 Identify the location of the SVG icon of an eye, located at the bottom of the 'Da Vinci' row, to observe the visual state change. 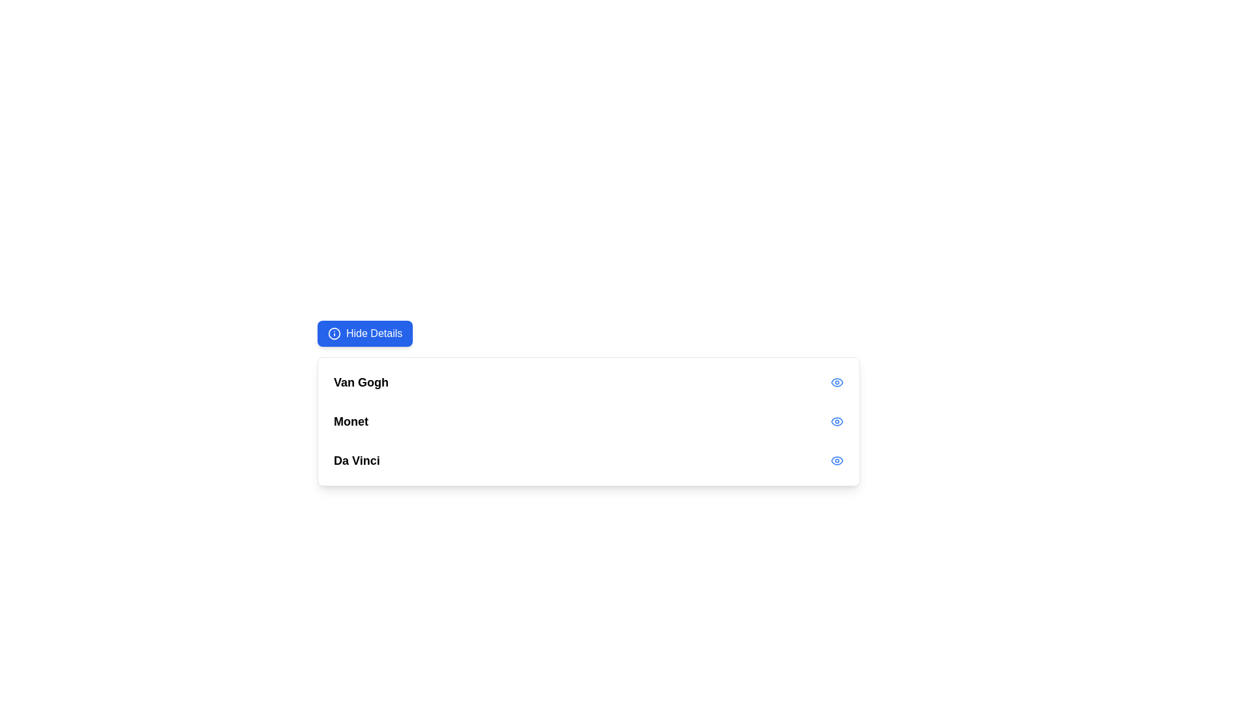
(837, 460).